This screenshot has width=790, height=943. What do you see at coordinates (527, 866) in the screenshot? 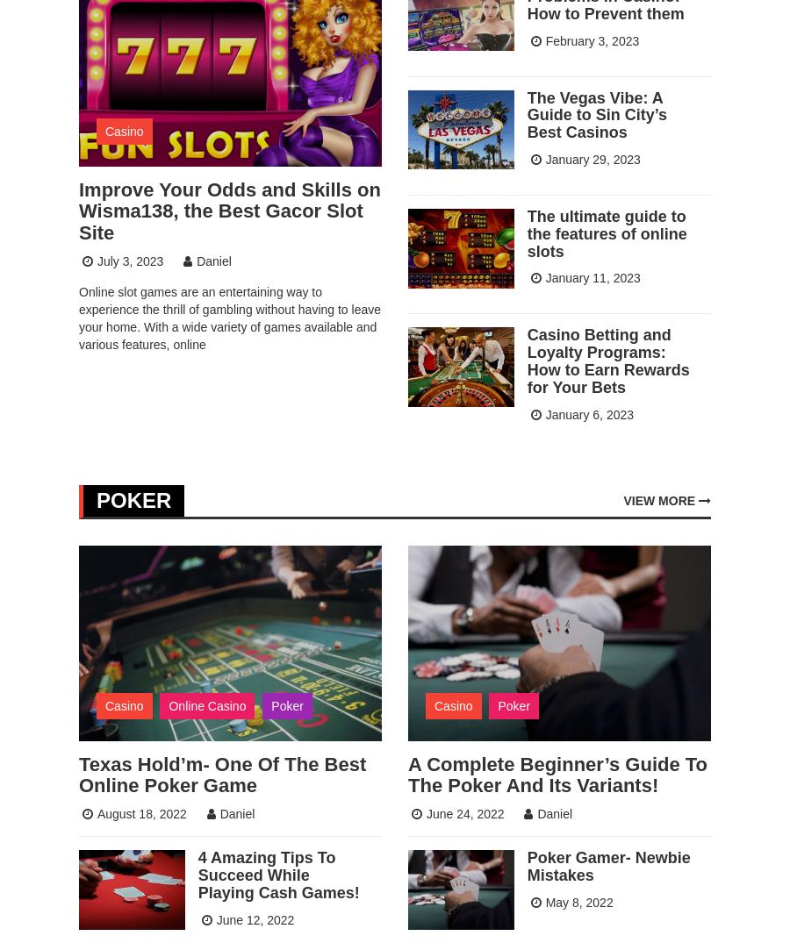
I see `'Poker Gamer- Newbie Mistakes'` at bounding box center [527, 866].